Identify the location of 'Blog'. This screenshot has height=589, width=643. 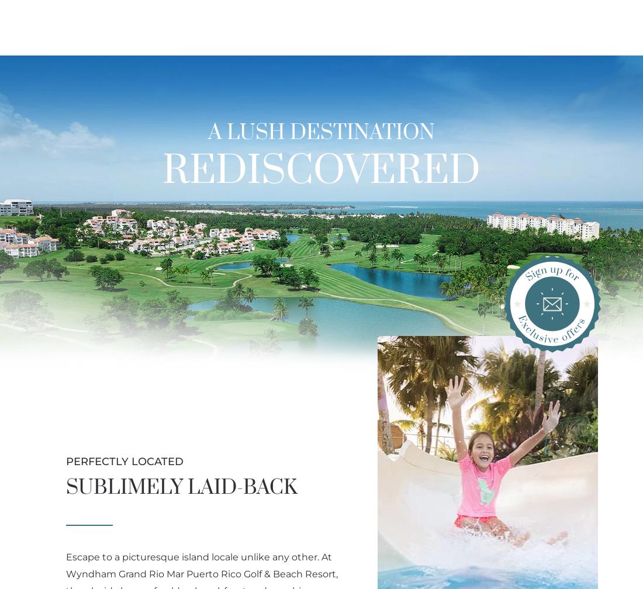
(621, 47).